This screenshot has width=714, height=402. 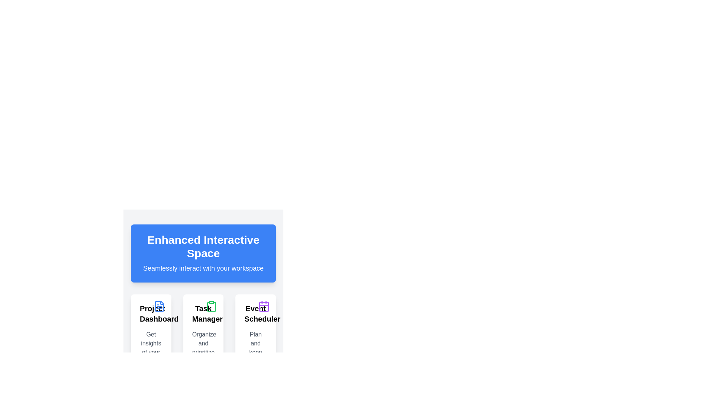 What do you see at coordinates (159, 306) in the screenshot?
I see `the document icon styled with 'text-blue-500' located in the top-right corner of the 'Project Dashboard' card` at bounding box center [159, 306].